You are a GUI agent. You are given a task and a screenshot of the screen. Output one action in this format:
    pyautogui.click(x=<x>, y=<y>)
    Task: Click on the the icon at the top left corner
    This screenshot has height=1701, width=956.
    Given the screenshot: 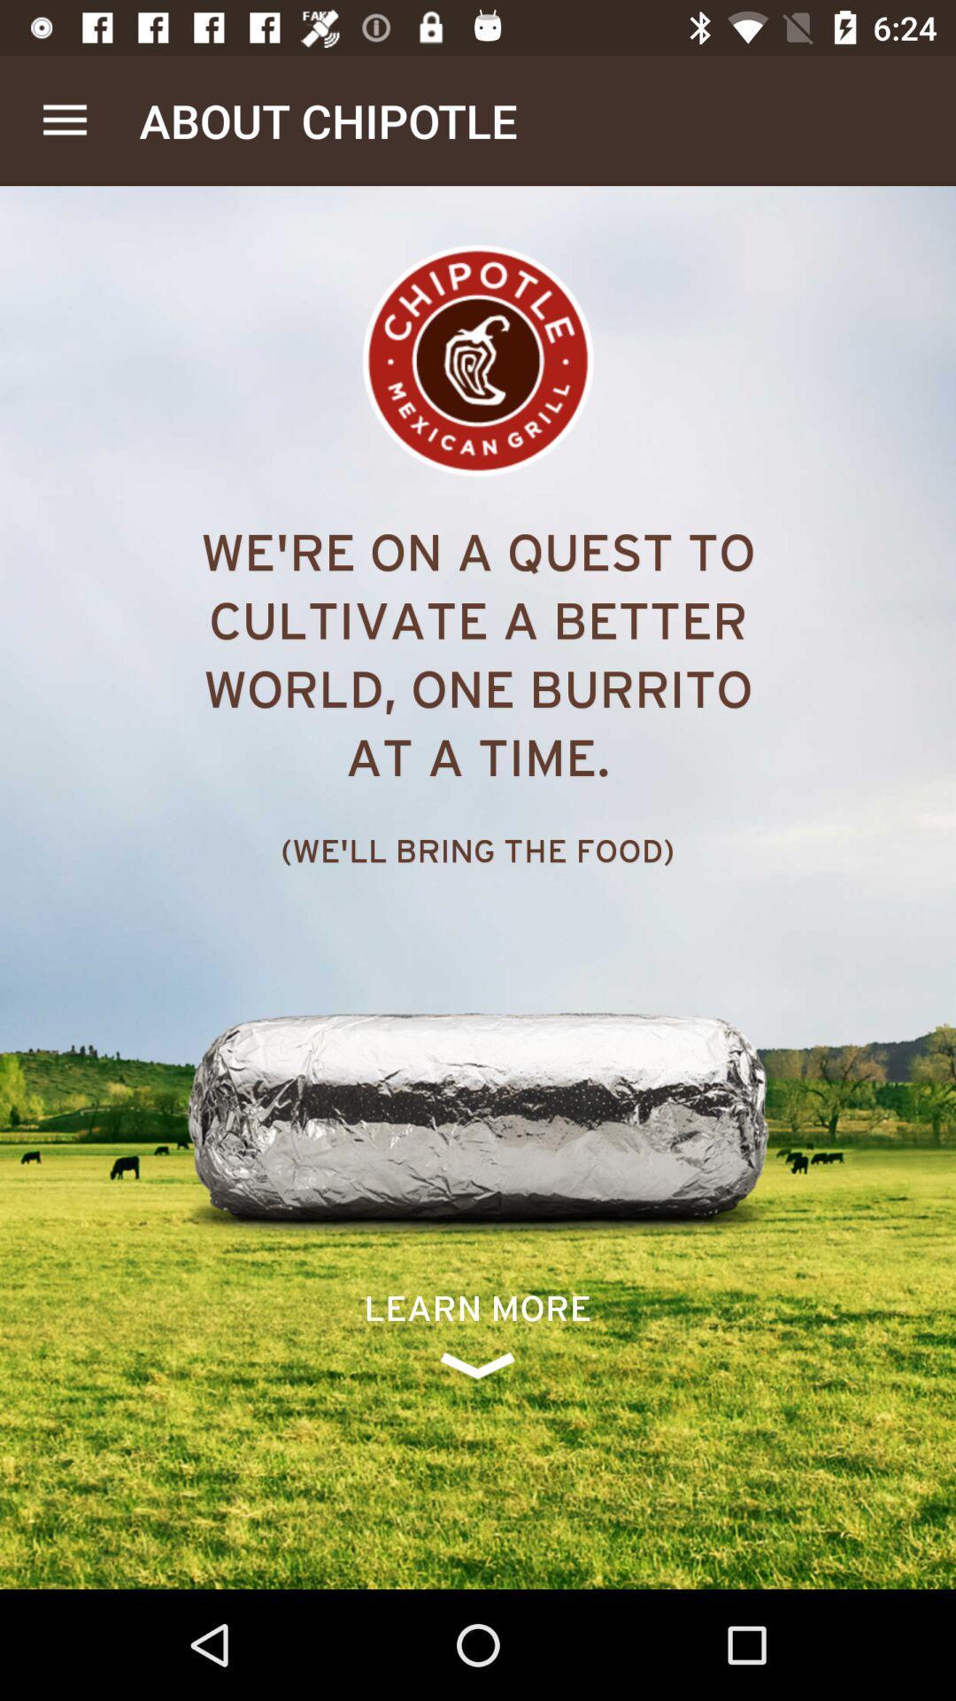 What is the action you would take?
    pyautogui.click(x=64, y=120)
    